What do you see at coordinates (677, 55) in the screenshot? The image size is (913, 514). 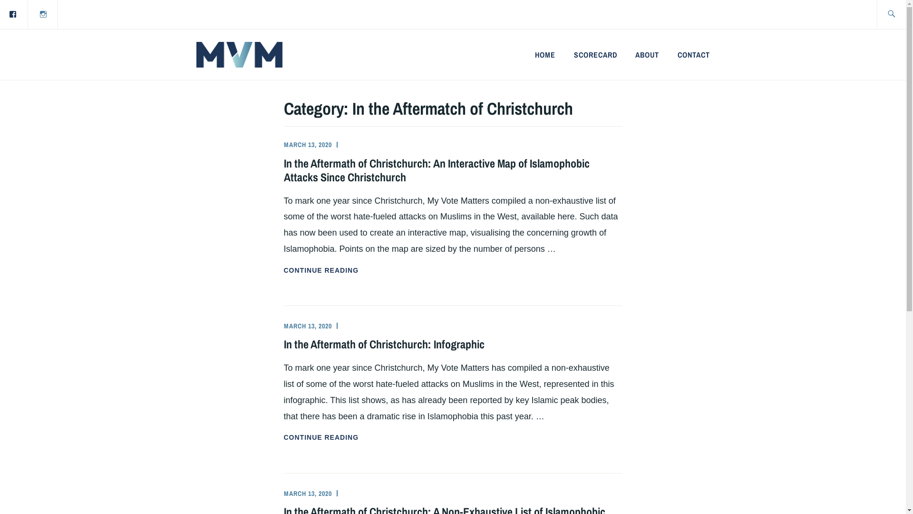 I see `'CONTACT'` at bounding box center [677, 55].